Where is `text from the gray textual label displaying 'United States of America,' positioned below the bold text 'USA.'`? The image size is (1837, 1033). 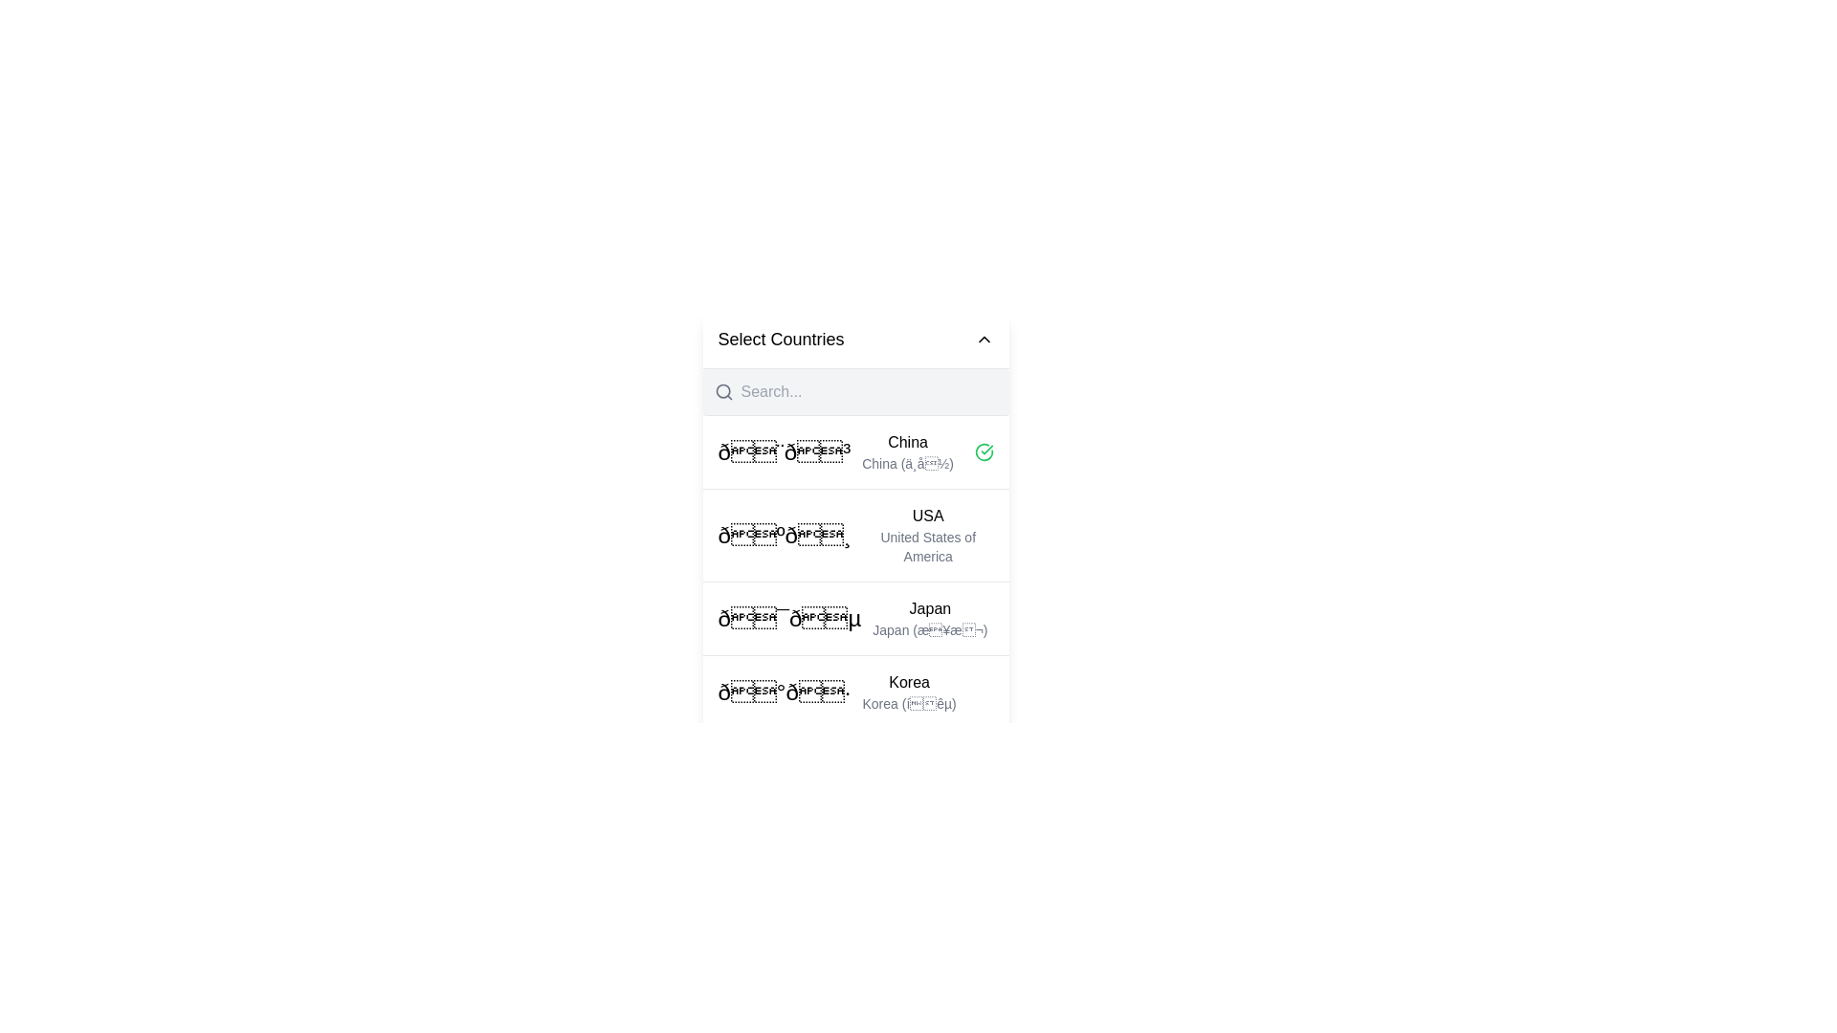 text from the gray textual label displaying 'United States of America,' positioned below the bold text 'USA.' is located at coordinates (928, 546).